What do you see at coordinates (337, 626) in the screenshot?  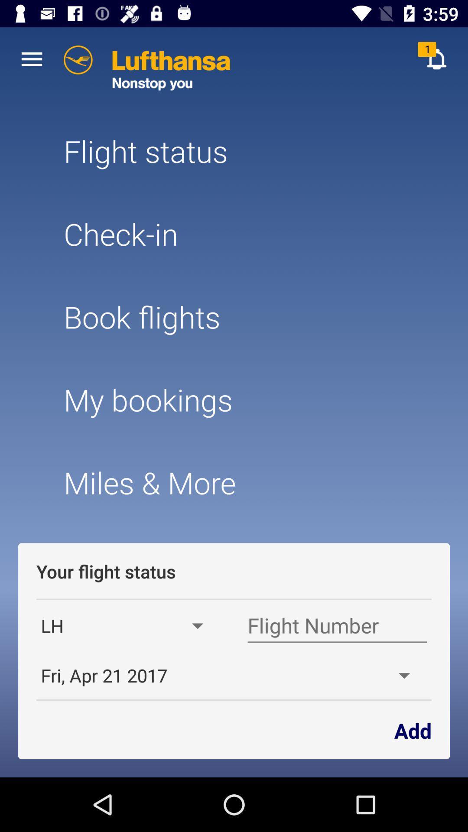 I see `input flight number` at bounding box center [337, 626].